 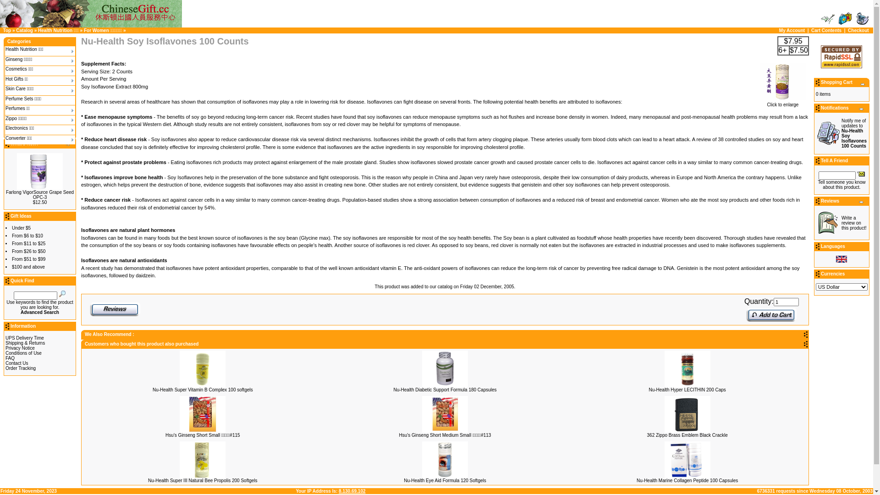 I want to click on ' English ', so click(x=841, y=259).